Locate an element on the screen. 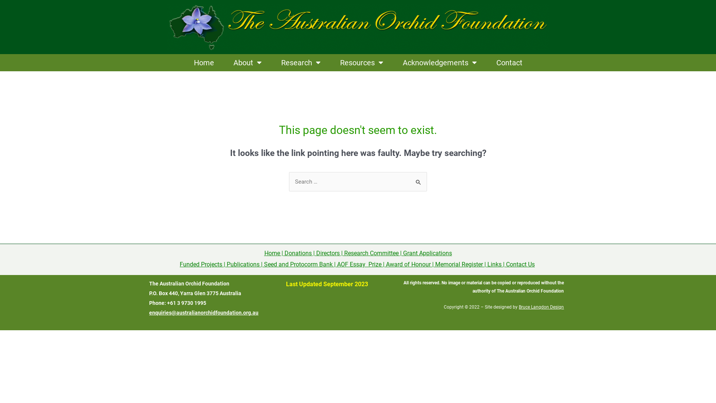  'About' is located at coordinates (247, 62).